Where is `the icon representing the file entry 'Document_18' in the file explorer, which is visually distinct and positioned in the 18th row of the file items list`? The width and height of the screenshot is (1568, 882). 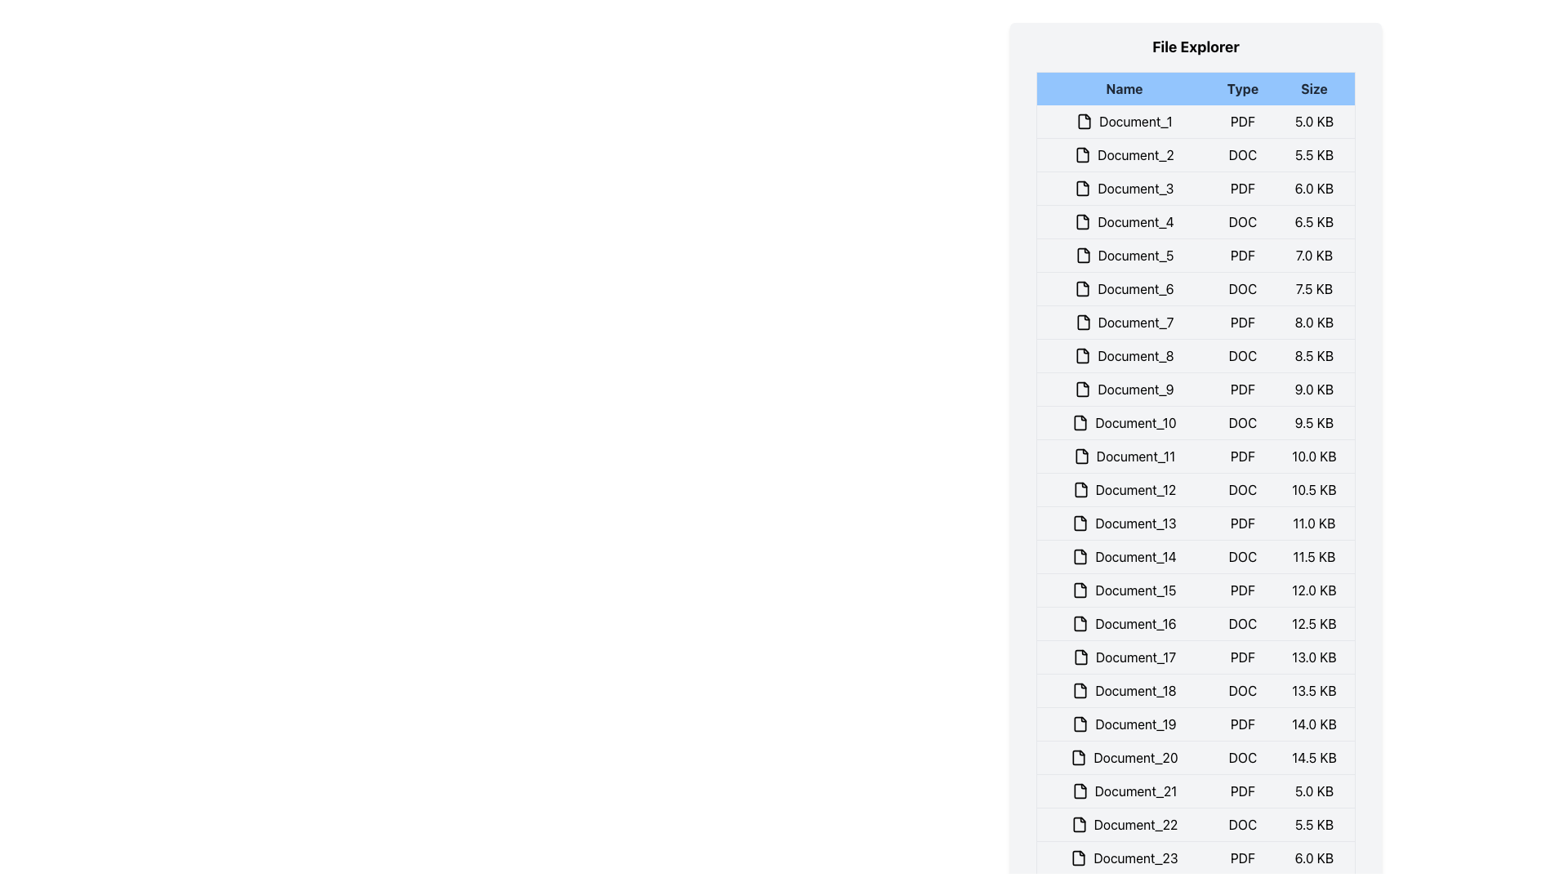 the icon representing the file entry 'Document_18' in the file explorer, which is visually distinct and positioned in the 18th row of the file items list is located at coordinates (1080, 690).